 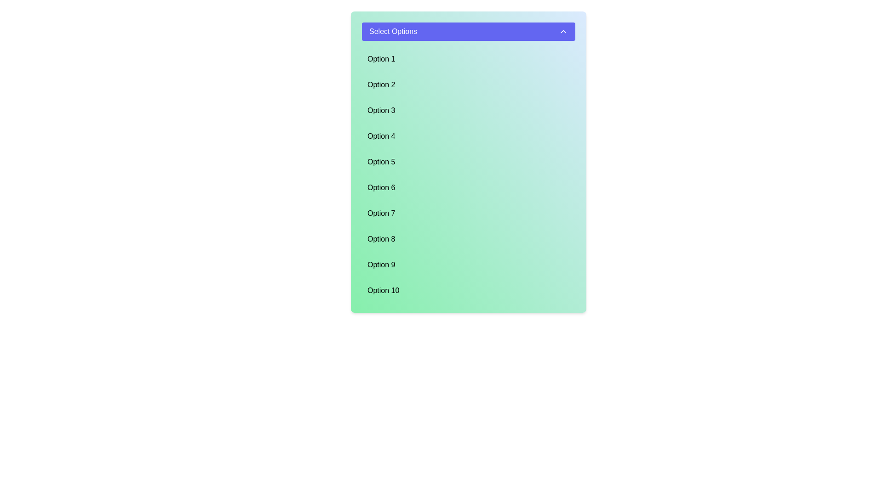 I want to click on to select the second item 'Option 2' in the dropdown menu, which has a light blue background and is aligned to the left, so click(x=468, y=85).